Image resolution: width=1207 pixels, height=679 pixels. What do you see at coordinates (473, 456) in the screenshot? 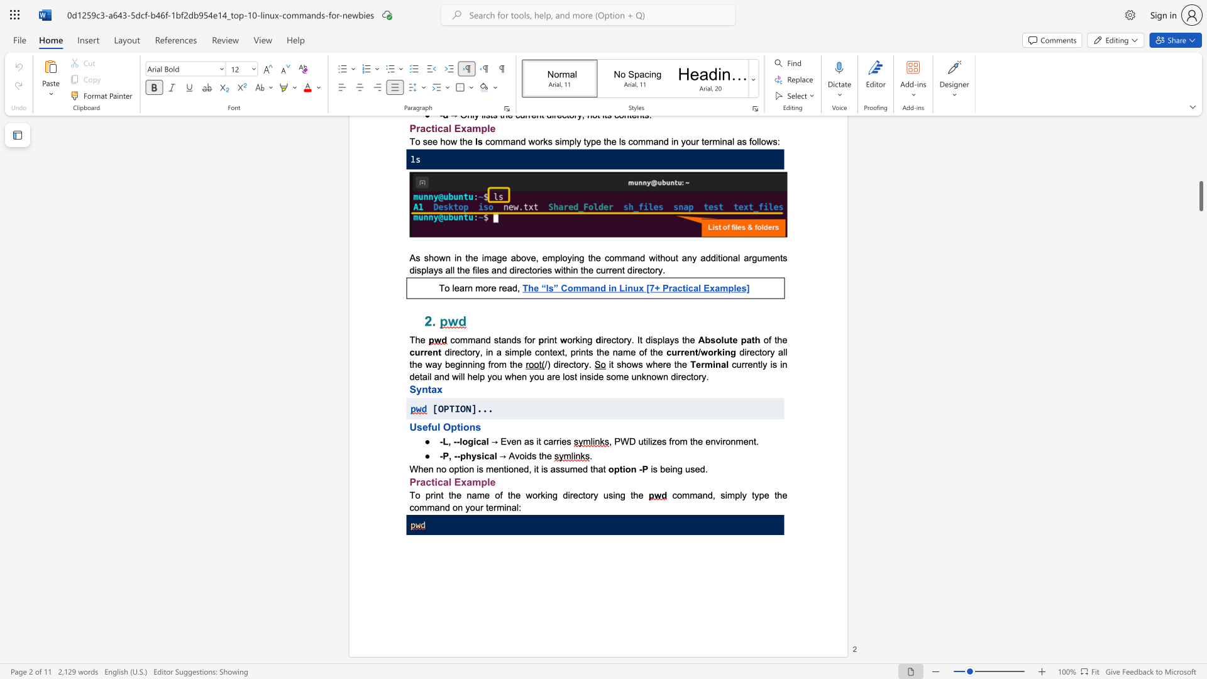
I see `the 1th character "y" in the text` at bounding box center [473, 456].